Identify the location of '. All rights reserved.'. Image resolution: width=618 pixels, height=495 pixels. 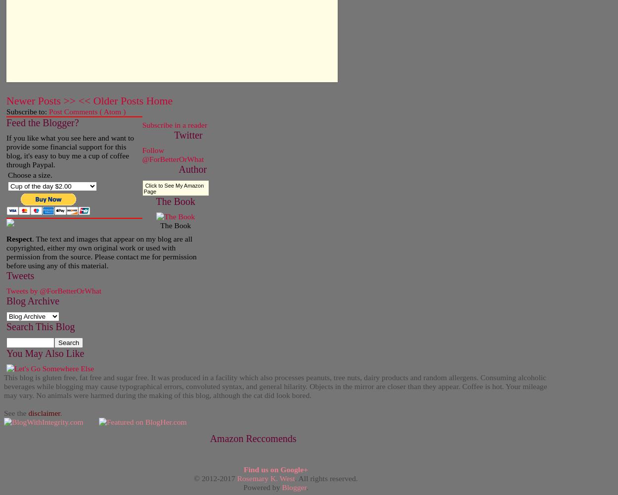
(294, 477).